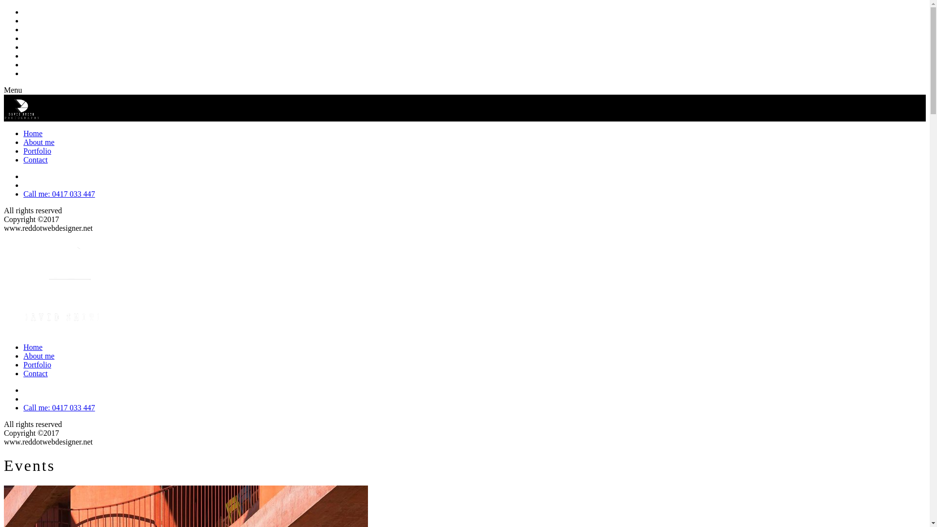 This screenshot has width=937, height=527. Describe the element at coordinates (23, 194) in the screenshot. I see `'Call me: 0417 033 447'` at that location.